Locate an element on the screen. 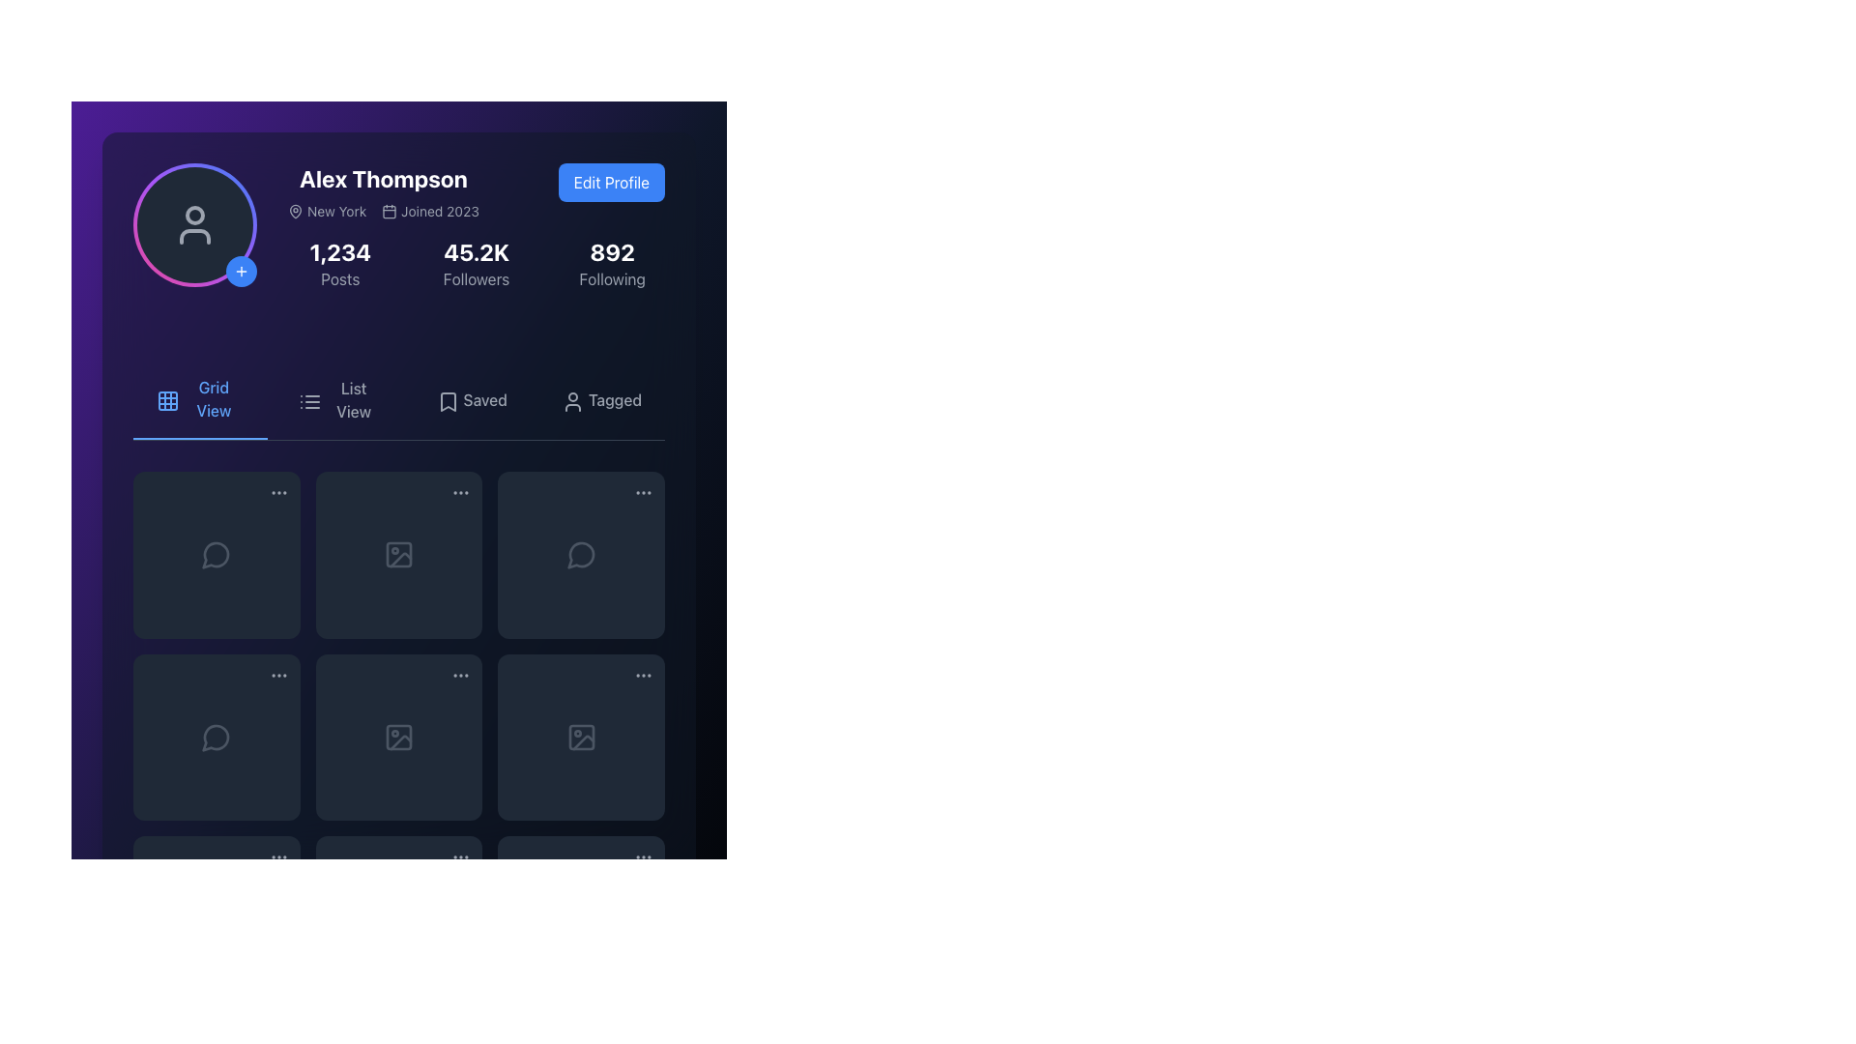 The width and height of the screenshot is (1856, 1044). the gray ellipsis icon button located in the bottom right corner of the grid item, which highlights upon hover is located at coordinates (460, 674).